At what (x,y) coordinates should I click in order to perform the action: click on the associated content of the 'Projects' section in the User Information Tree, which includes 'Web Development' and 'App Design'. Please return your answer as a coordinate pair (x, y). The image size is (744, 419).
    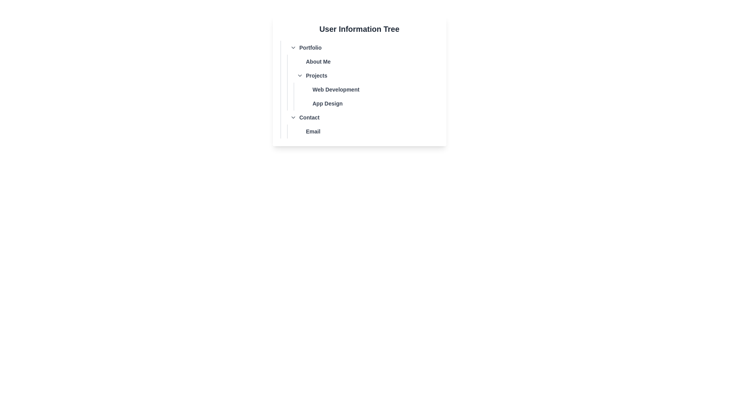
    Looking at the image, I should click on (359, 76).